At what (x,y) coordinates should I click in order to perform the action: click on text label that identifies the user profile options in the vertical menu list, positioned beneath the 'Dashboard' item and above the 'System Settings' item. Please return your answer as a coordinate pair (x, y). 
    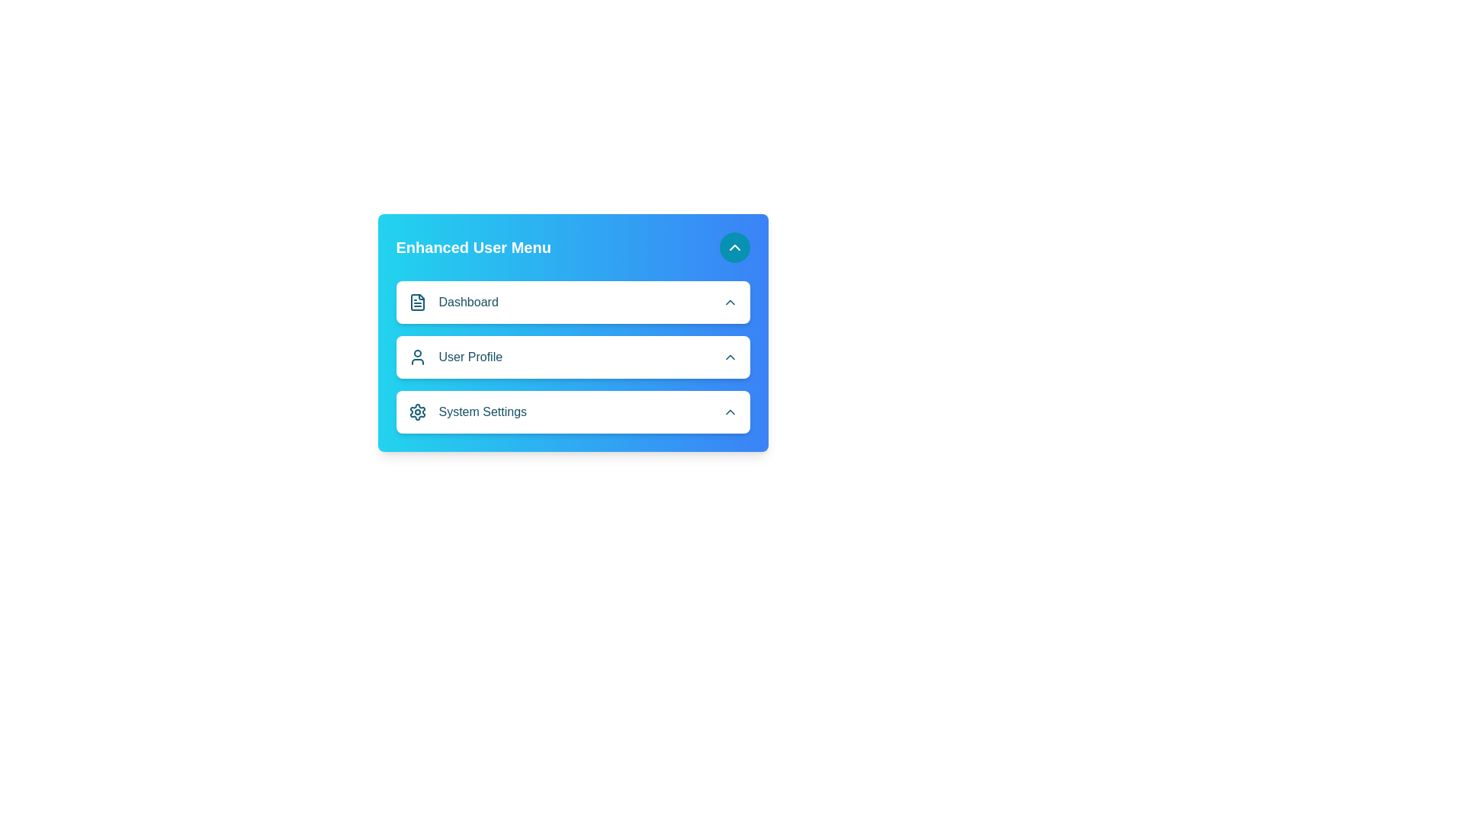
    Looking at the image, I should click on (470, 357).